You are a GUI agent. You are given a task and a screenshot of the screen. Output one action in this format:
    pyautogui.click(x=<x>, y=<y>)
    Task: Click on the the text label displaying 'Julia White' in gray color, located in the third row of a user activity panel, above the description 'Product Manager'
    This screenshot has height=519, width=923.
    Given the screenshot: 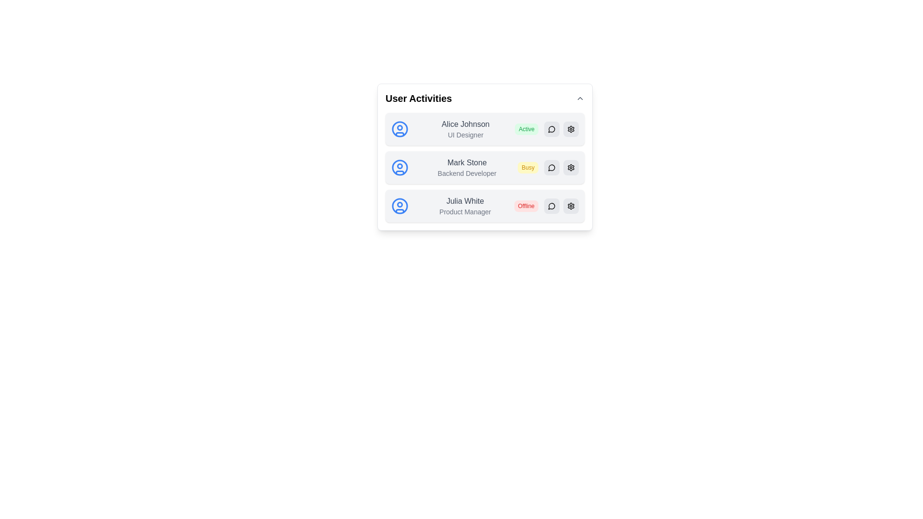 What is the action you would take?
    pyautogui.click(x=465, y=201)
    